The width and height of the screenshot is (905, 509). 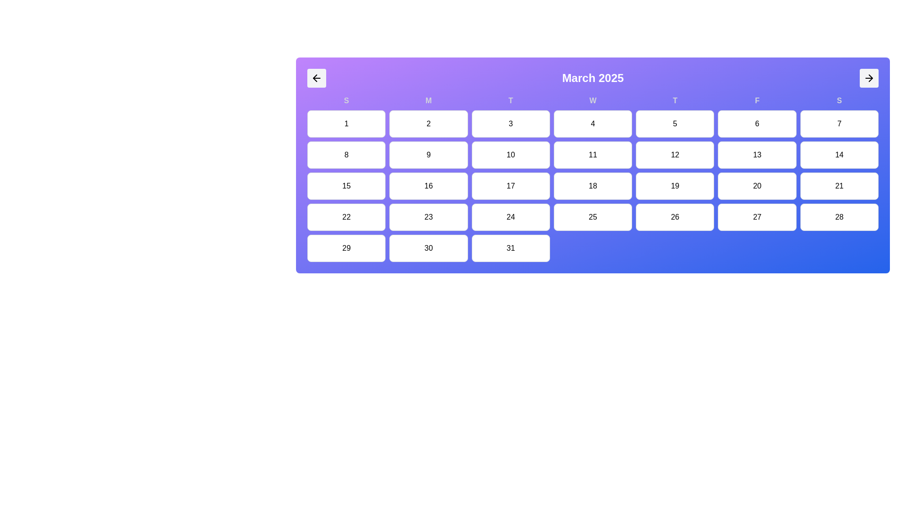 I want to click on on the Calendar day cell displaying the number '30' in the last row and second column of the calendar grid, so click(x=428, y=248).